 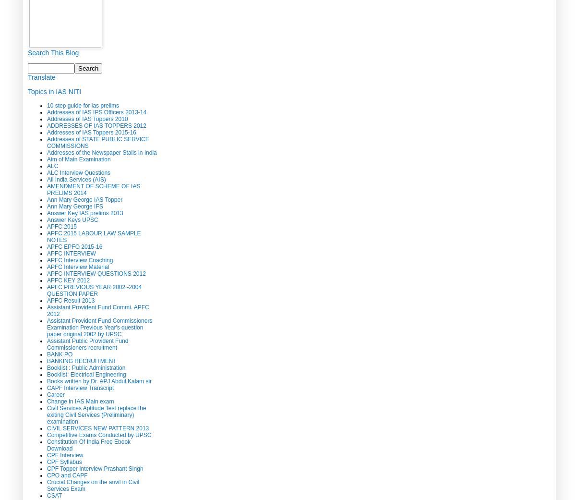 I want to click on 'Search This Blog', so click(x=27, y=52).